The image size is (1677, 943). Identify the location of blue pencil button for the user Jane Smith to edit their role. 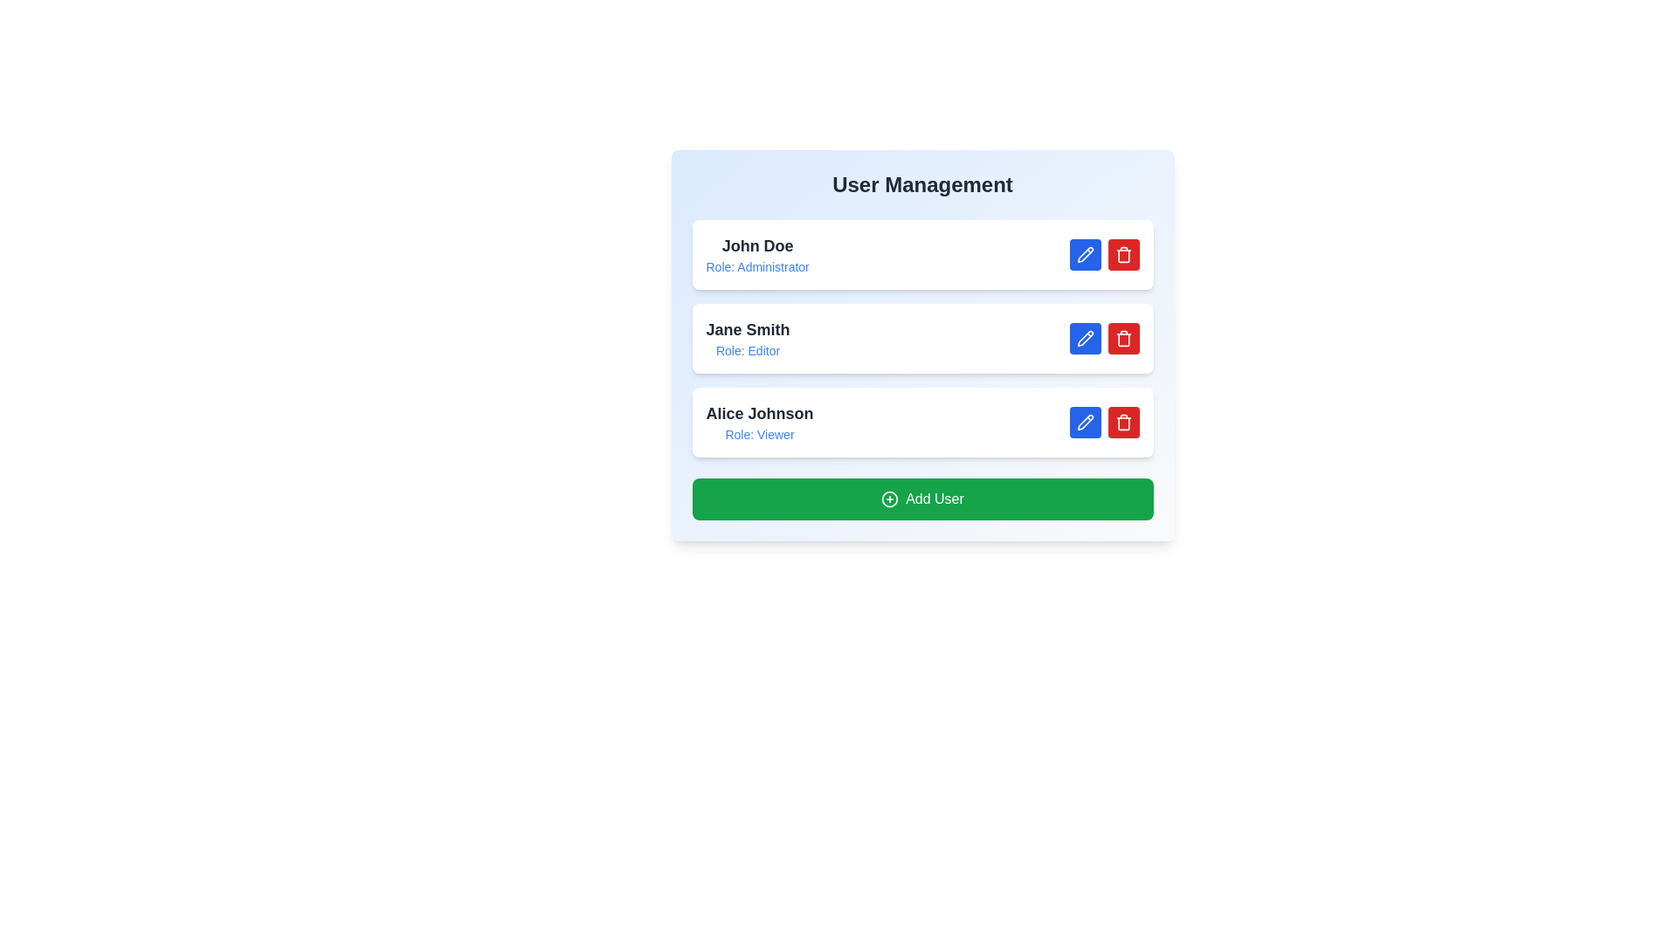
(1084, 339).